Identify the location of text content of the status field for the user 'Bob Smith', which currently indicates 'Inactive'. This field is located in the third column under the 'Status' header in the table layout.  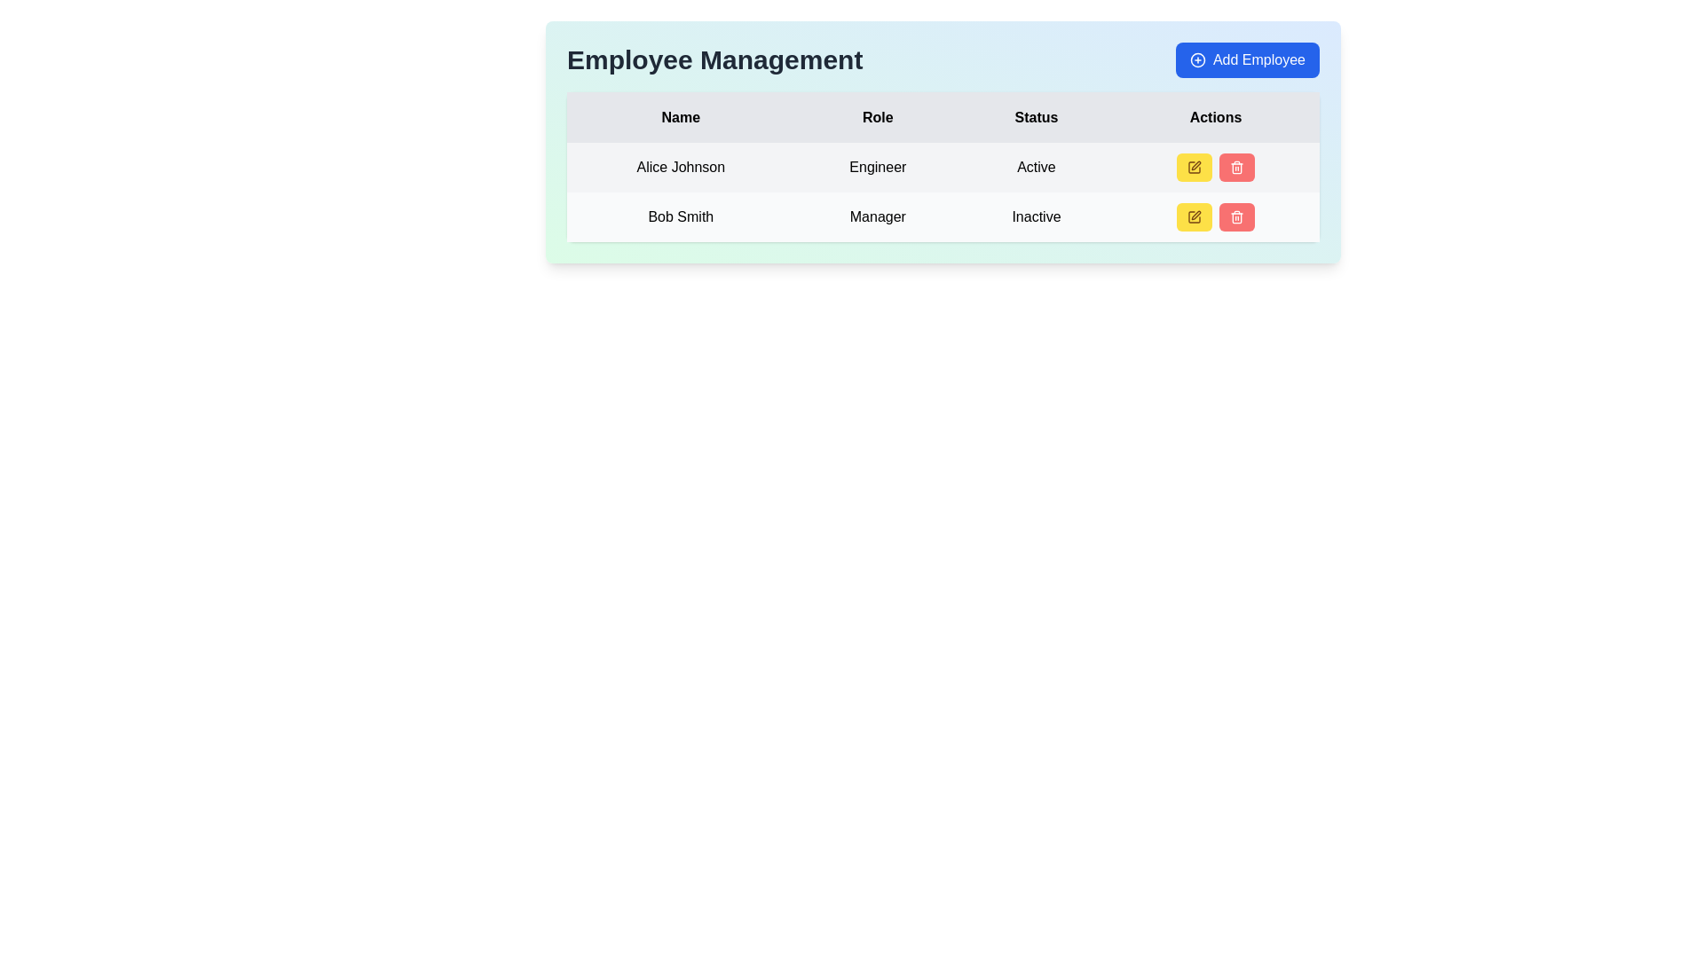
(1036, 216).